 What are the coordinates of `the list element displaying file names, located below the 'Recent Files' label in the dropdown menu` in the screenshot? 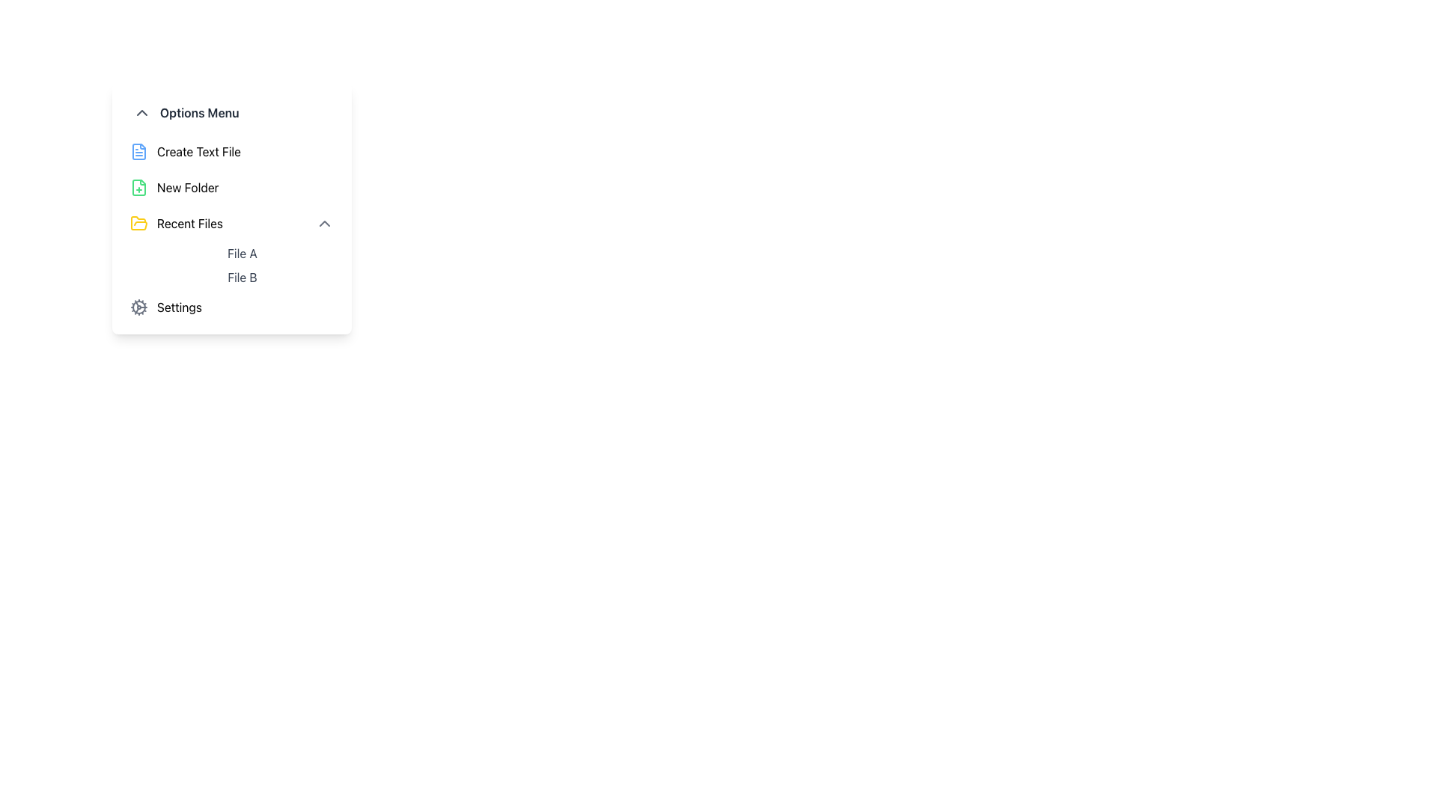 It's located at (231, 264).